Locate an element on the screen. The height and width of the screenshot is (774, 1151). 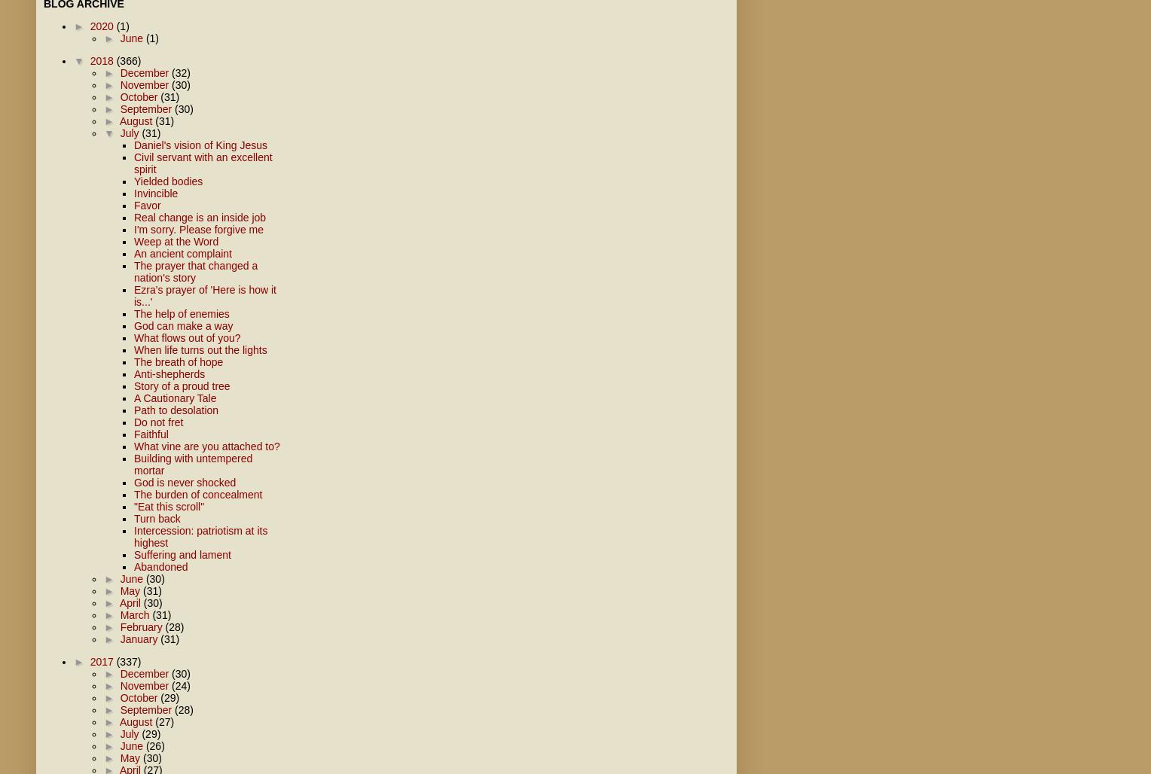
'Ezra's prayer of 'Here is how it is...'' is located at coordinates (204, 296).